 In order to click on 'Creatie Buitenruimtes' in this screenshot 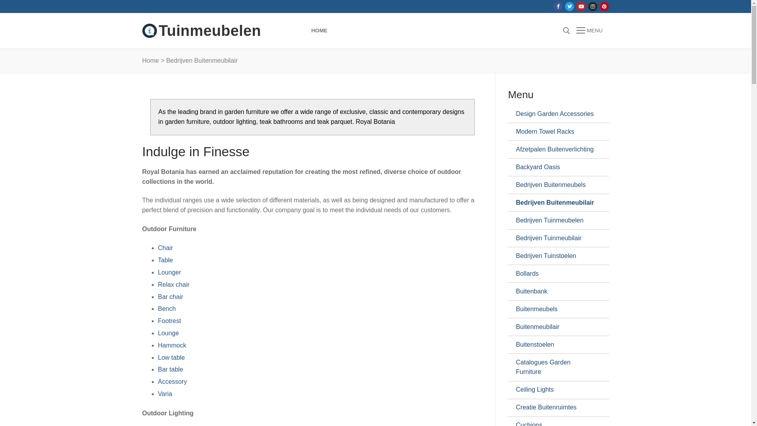, I will do `click(516, 407)`.